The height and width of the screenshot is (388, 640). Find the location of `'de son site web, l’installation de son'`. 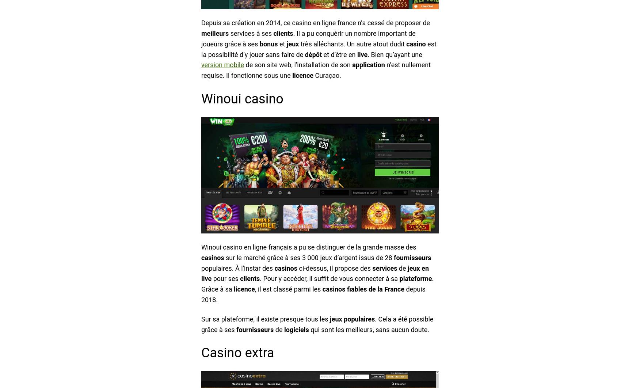

'de son site web, l’installation de son' is located at coordinates (298, 65).